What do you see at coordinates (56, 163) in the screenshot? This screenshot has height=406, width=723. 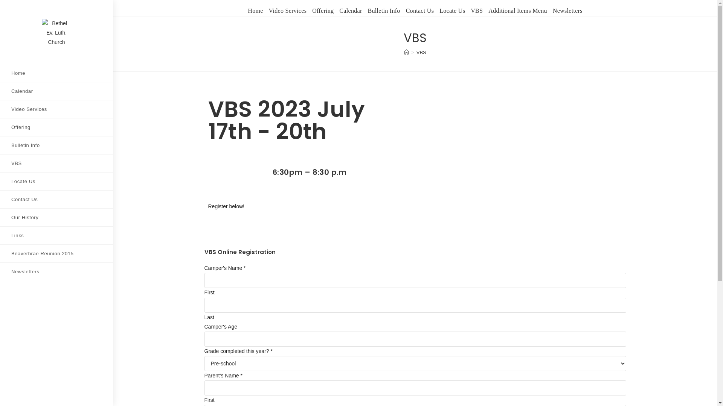 I see `'VBS'` at bounding box center [56, 163].